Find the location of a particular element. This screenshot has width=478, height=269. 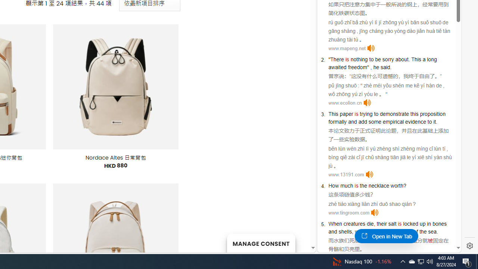

'www.tingroom.com' is located at coordinates (348, 213).